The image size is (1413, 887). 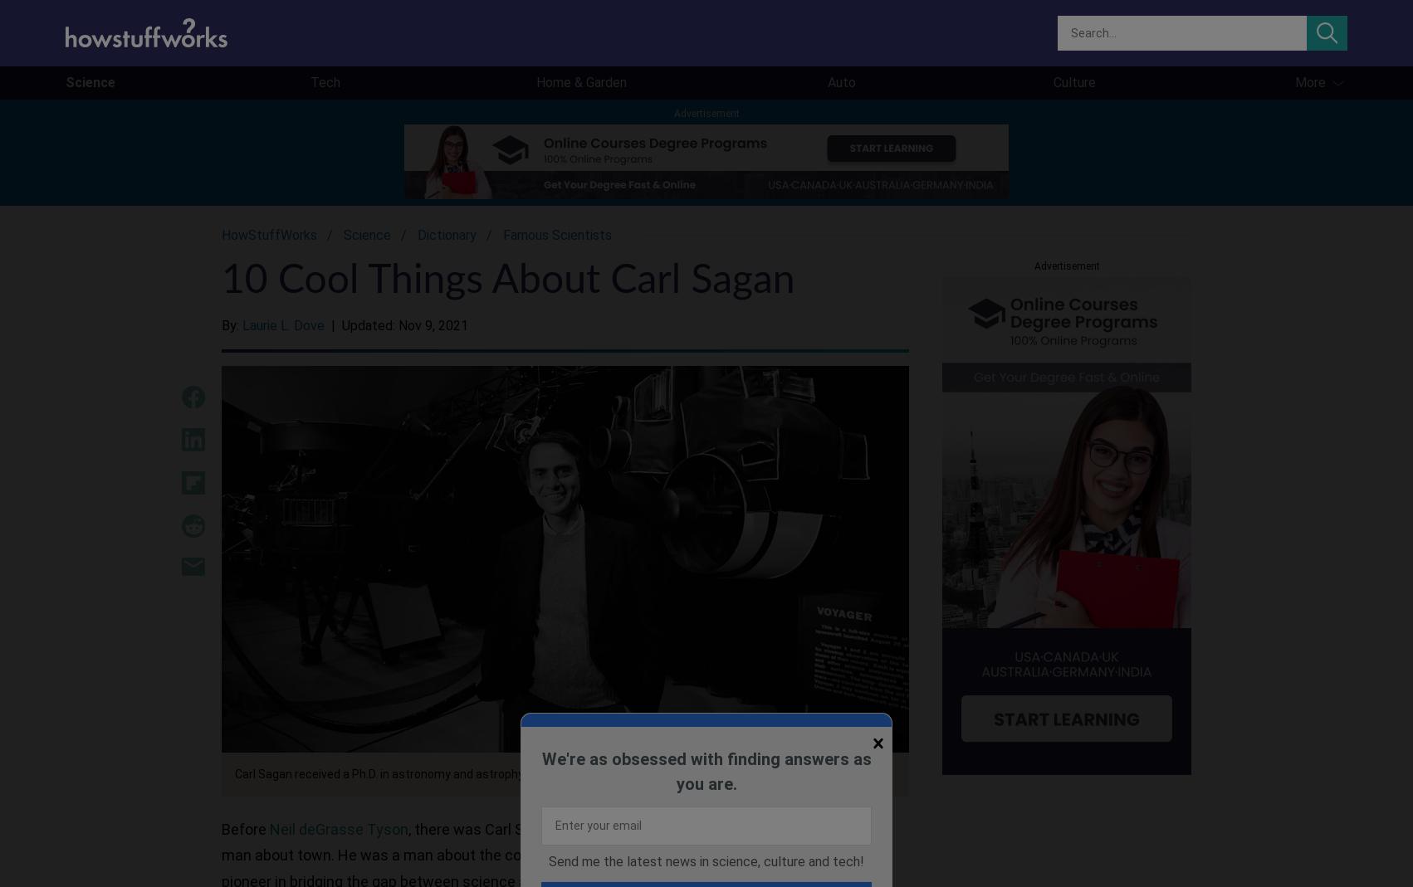 What do you see at coordinates (649, 773) in the screenshot?
I see `'Tony Korody/Sygma via Getty Images'` at bounding box center [649, 773].